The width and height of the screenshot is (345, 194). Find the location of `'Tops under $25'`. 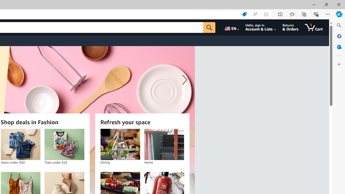

'Tops under $25' is located at coordinates (64, 144).